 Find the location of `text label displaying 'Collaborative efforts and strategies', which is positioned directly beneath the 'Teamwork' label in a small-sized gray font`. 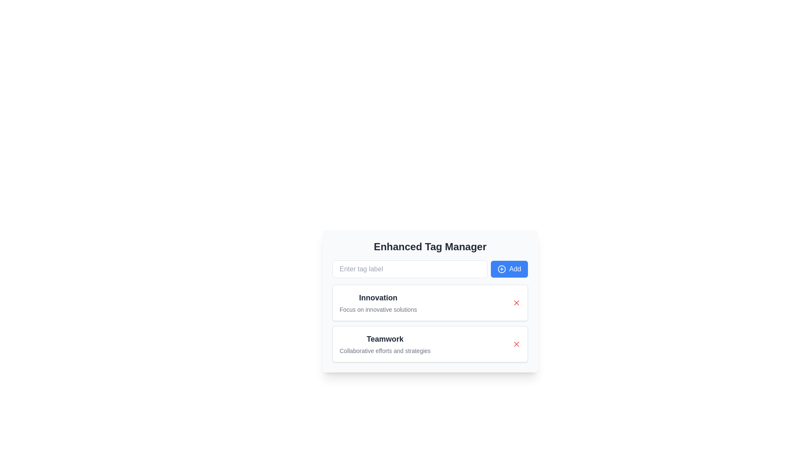

text label displaying 'Collaborative efforts and strategies', which is positioned directly beneath the 'Teamwork' label in a small-sized gray font is located at coordinates (385, 351).